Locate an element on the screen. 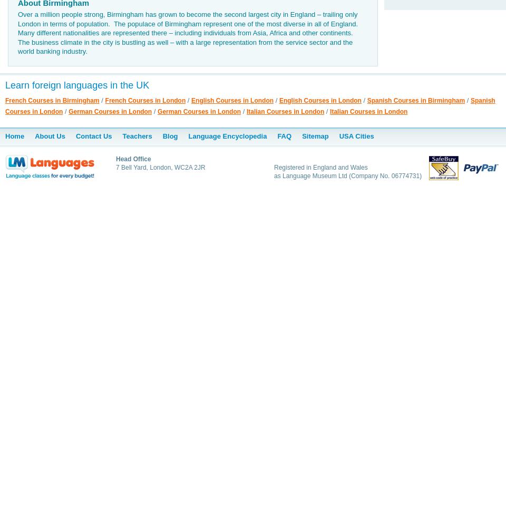 Image resolution: width=506 pixels, height=527 pixels. 'Spanish Courses in Birmingham' is located at coordinates (367, 100).